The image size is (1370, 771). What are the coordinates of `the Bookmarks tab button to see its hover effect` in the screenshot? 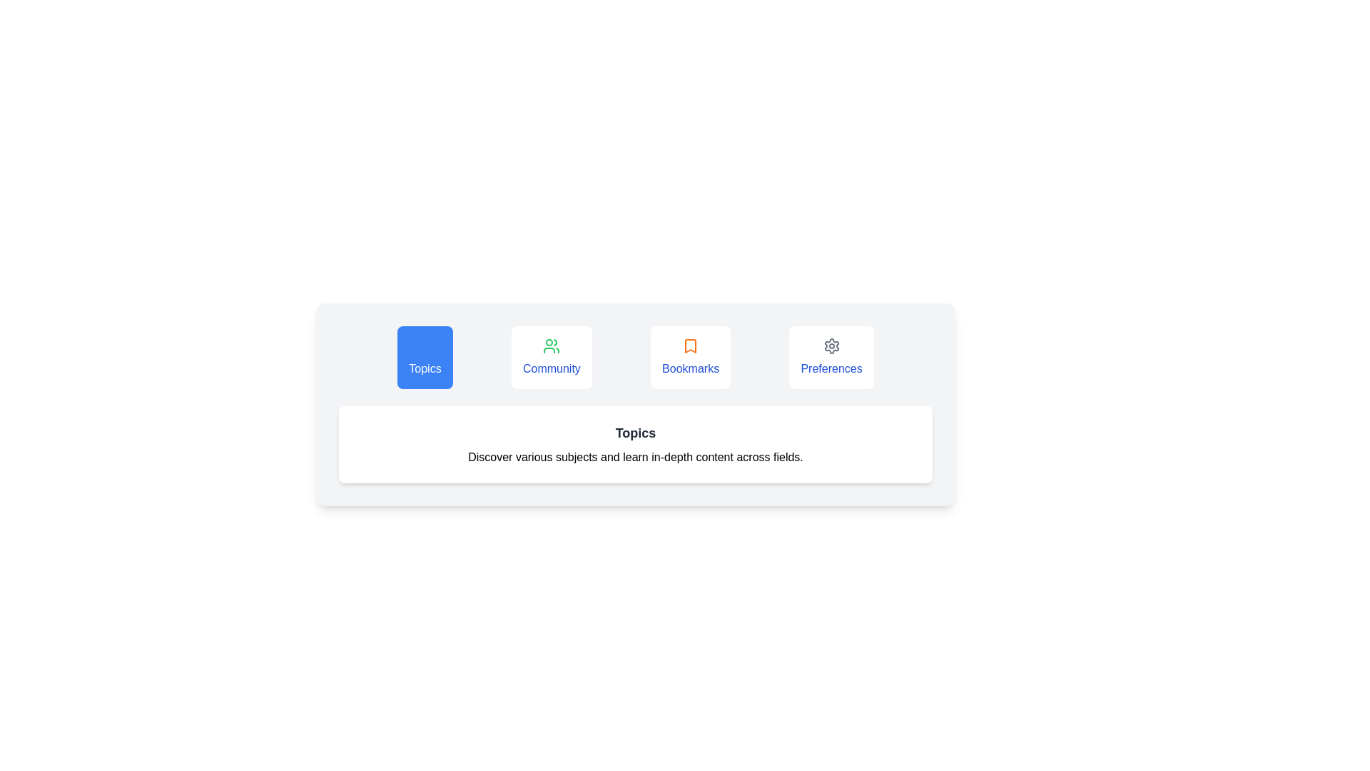 It's located at (691, 357).